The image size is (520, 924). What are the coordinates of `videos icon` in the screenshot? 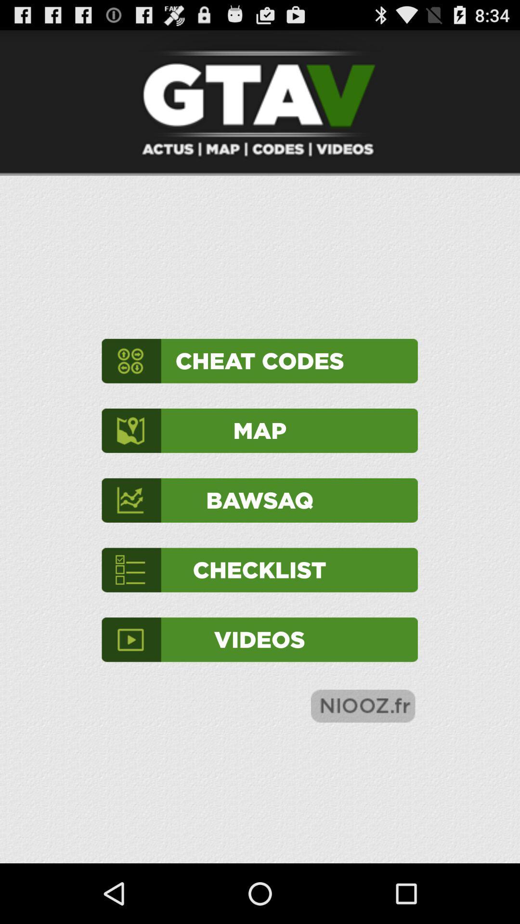 It's located at (259, 640).